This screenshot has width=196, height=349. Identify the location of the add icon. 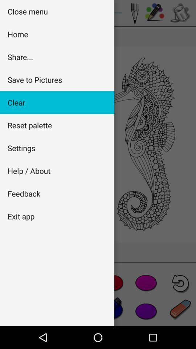
(146, 282).